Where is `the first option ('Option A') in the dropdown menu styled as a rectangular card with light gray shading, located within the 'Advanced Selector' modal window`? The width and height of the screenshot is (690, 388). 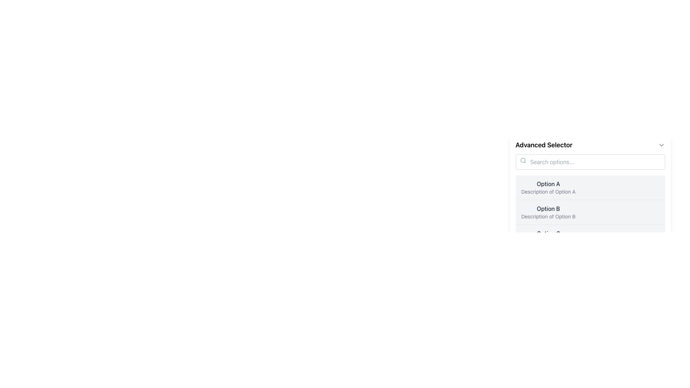 the first option ('Option A') in the dropdown menu styled as a rectangular card with light gray shading, located within the 'Advanced Selector' modal window is located at coordinates (590, 195).